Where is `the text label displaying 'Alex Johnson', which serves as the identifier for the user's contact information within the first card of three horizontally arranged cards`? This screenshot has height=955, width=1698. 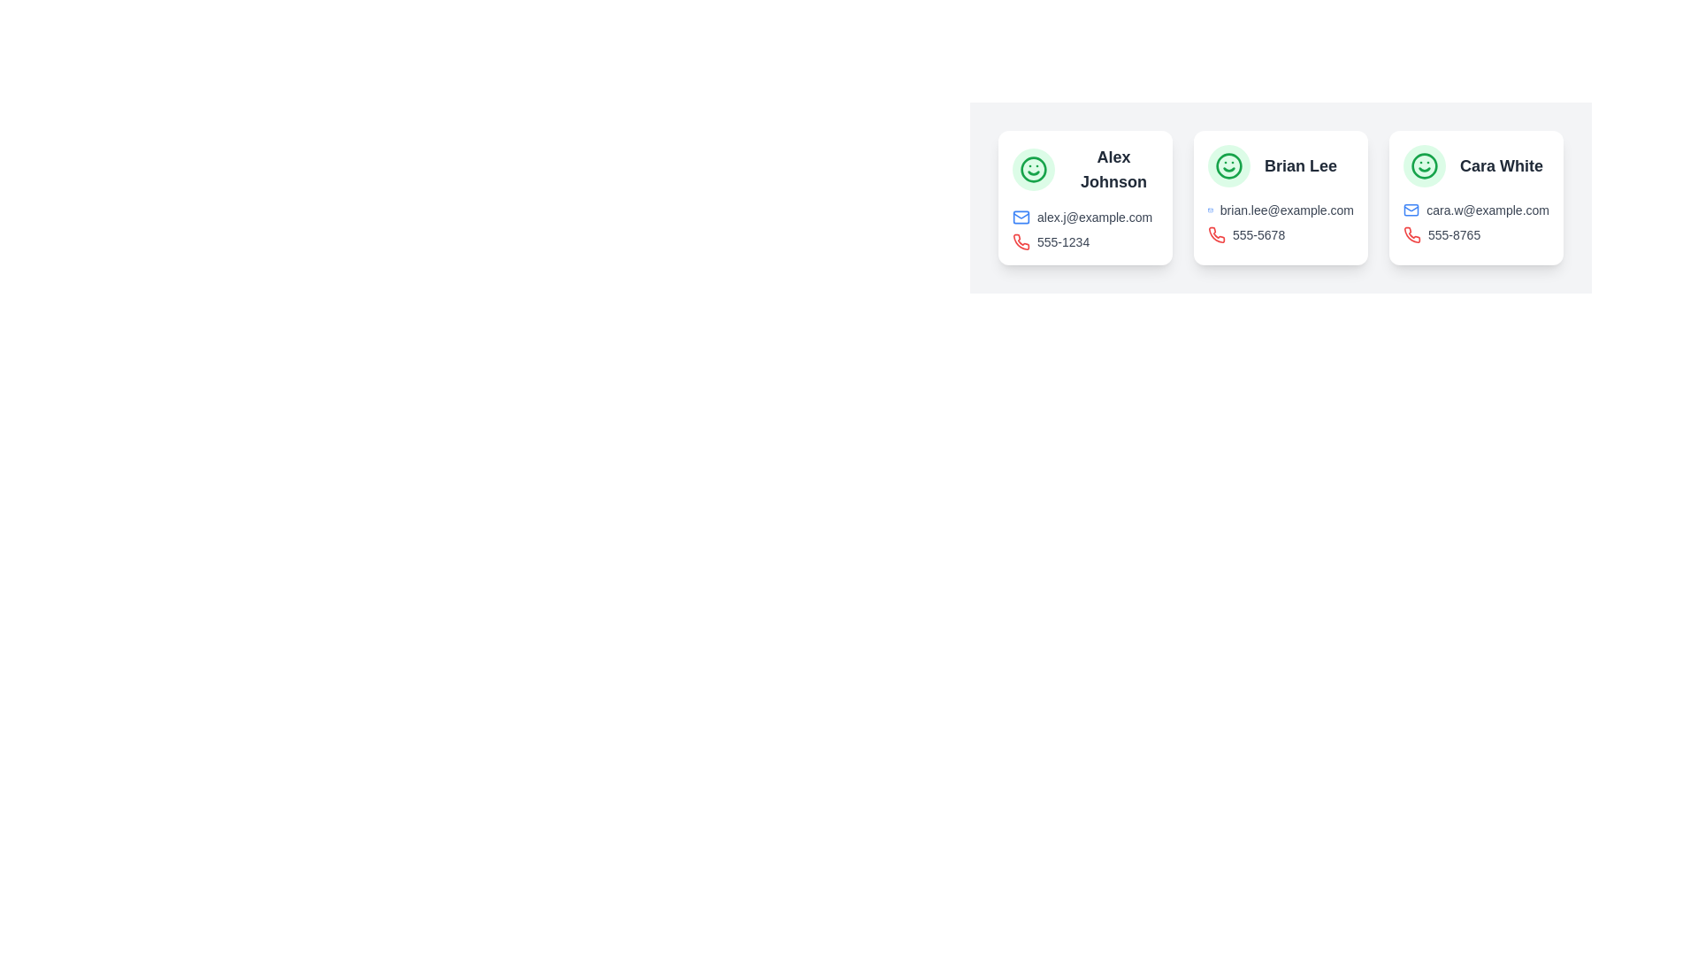 the text label displaying 'Alex Johnson', which serves as the identifier for the user's contact information within the first card of three horizontally arranged cards is located at coordinates (1113, 170).